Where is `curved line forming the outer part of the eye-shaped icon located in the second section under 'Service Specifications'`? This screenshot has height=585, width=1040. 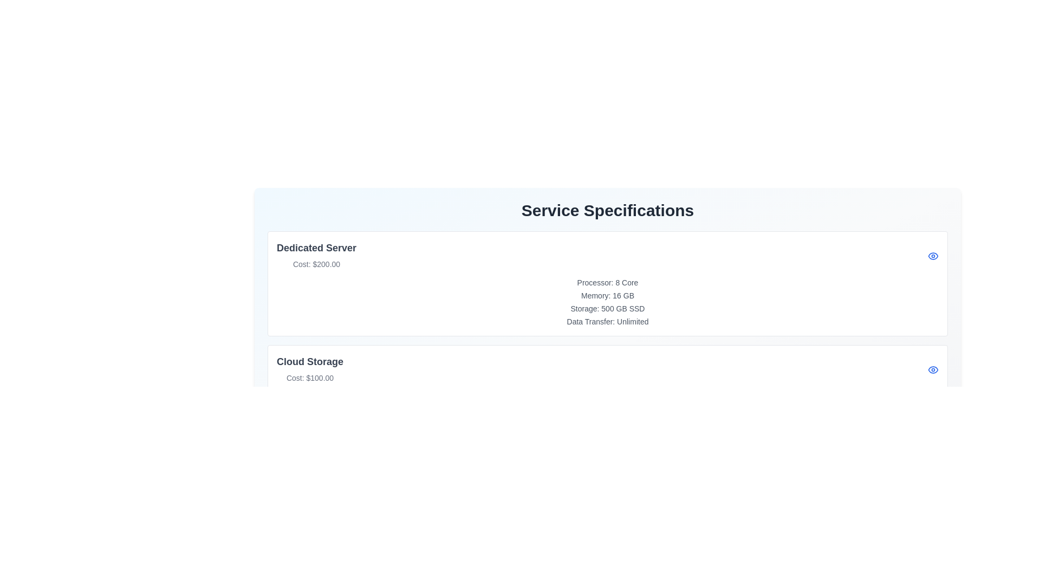
curved line forming the outer part of the eye-shaped icon located in the second section under 'Service Specifications' is located at coordinates (933, 255).